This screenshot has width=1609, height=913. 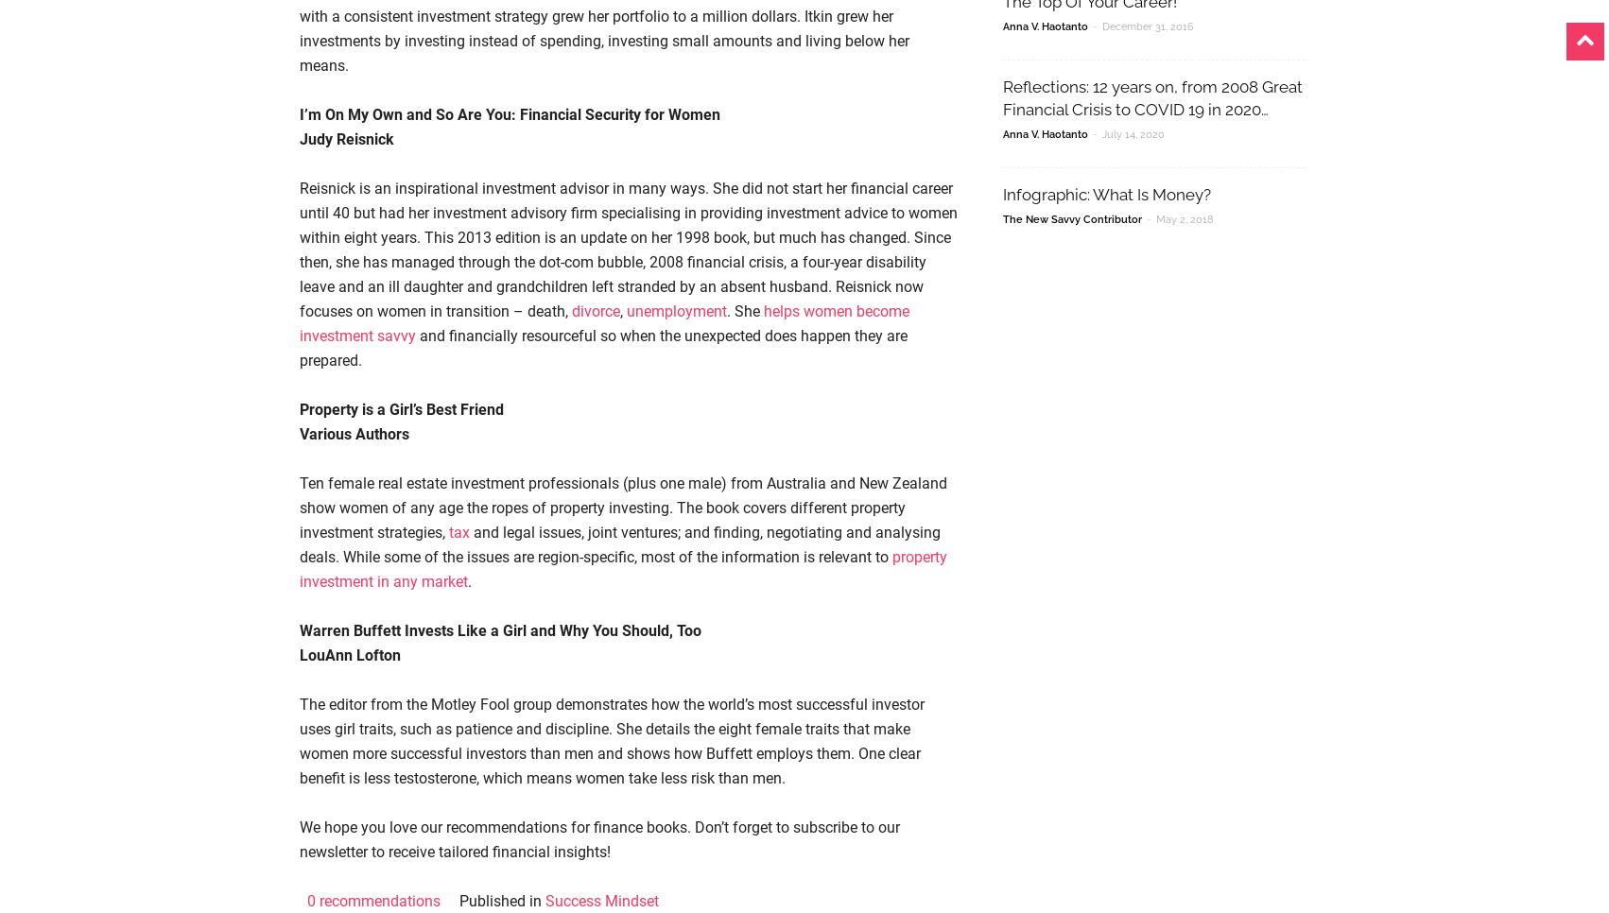 I want to click on 'Warren Buffett Invests Like a Girl and Why You Should, Too', so click(x=499, y=630).